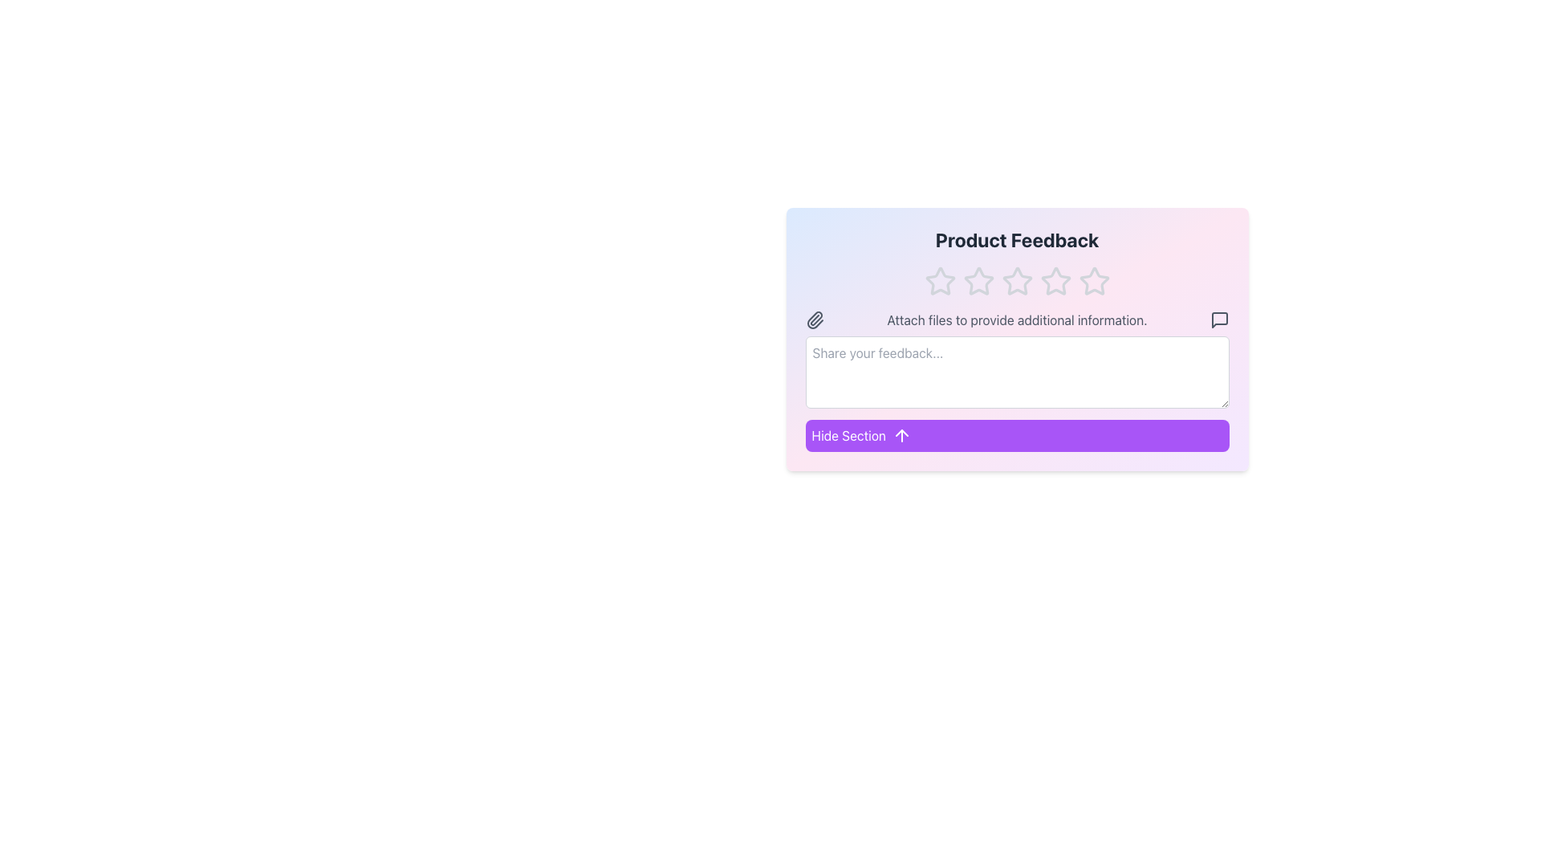 Image resolution: width=1541 pixels, height=867 pixels. Describe the element at coordinates (1093, 280) in the screenshot. I see `the fifth hollow star in the 'Product Feedback' rating widget to rate it` at that location.